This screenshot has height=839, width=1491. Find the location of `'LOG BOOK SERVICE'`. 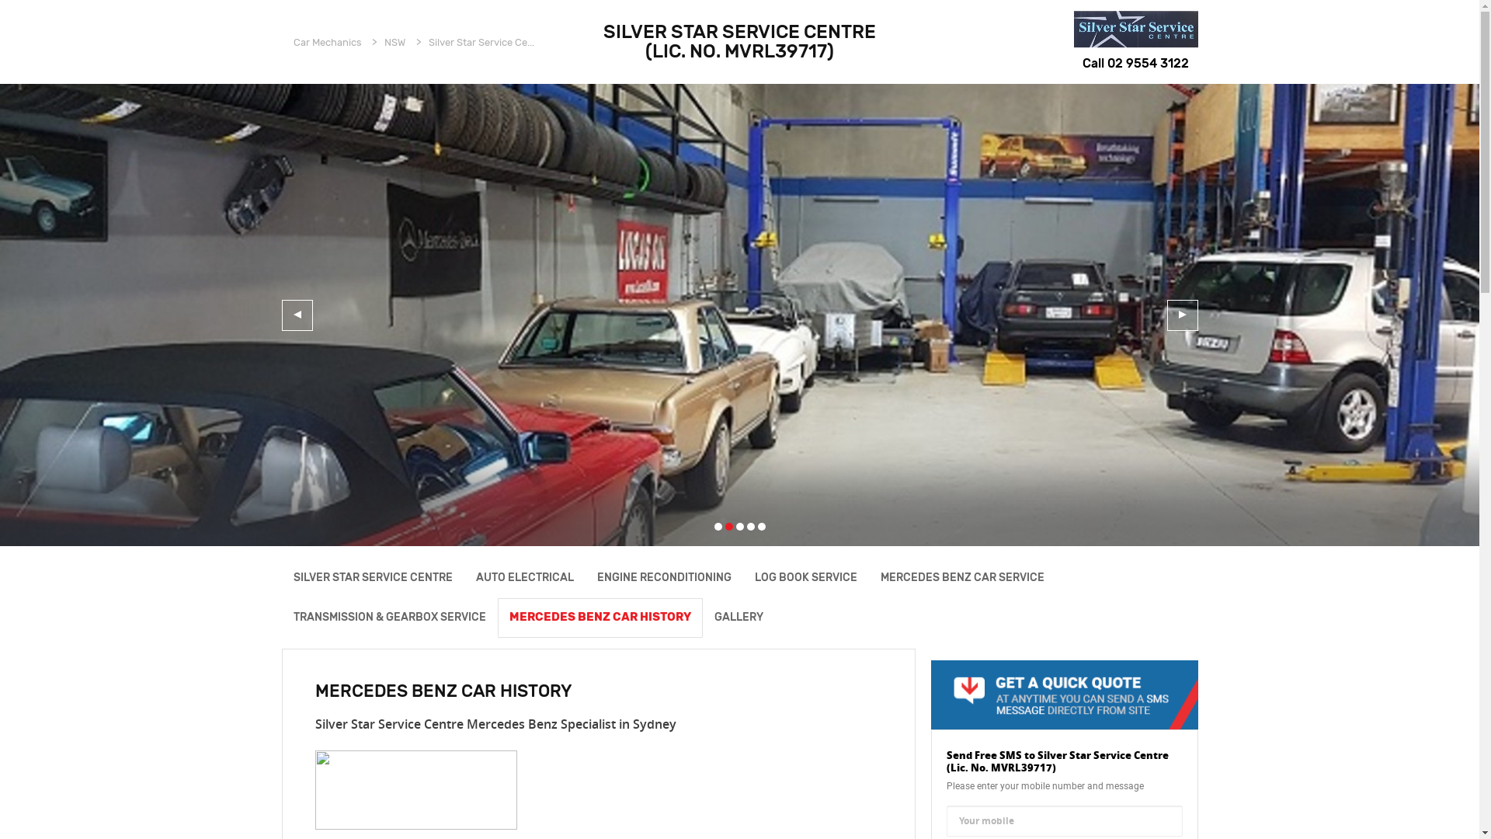

'LOG BOOK SERVICE' is located at coordinates (805, 578).